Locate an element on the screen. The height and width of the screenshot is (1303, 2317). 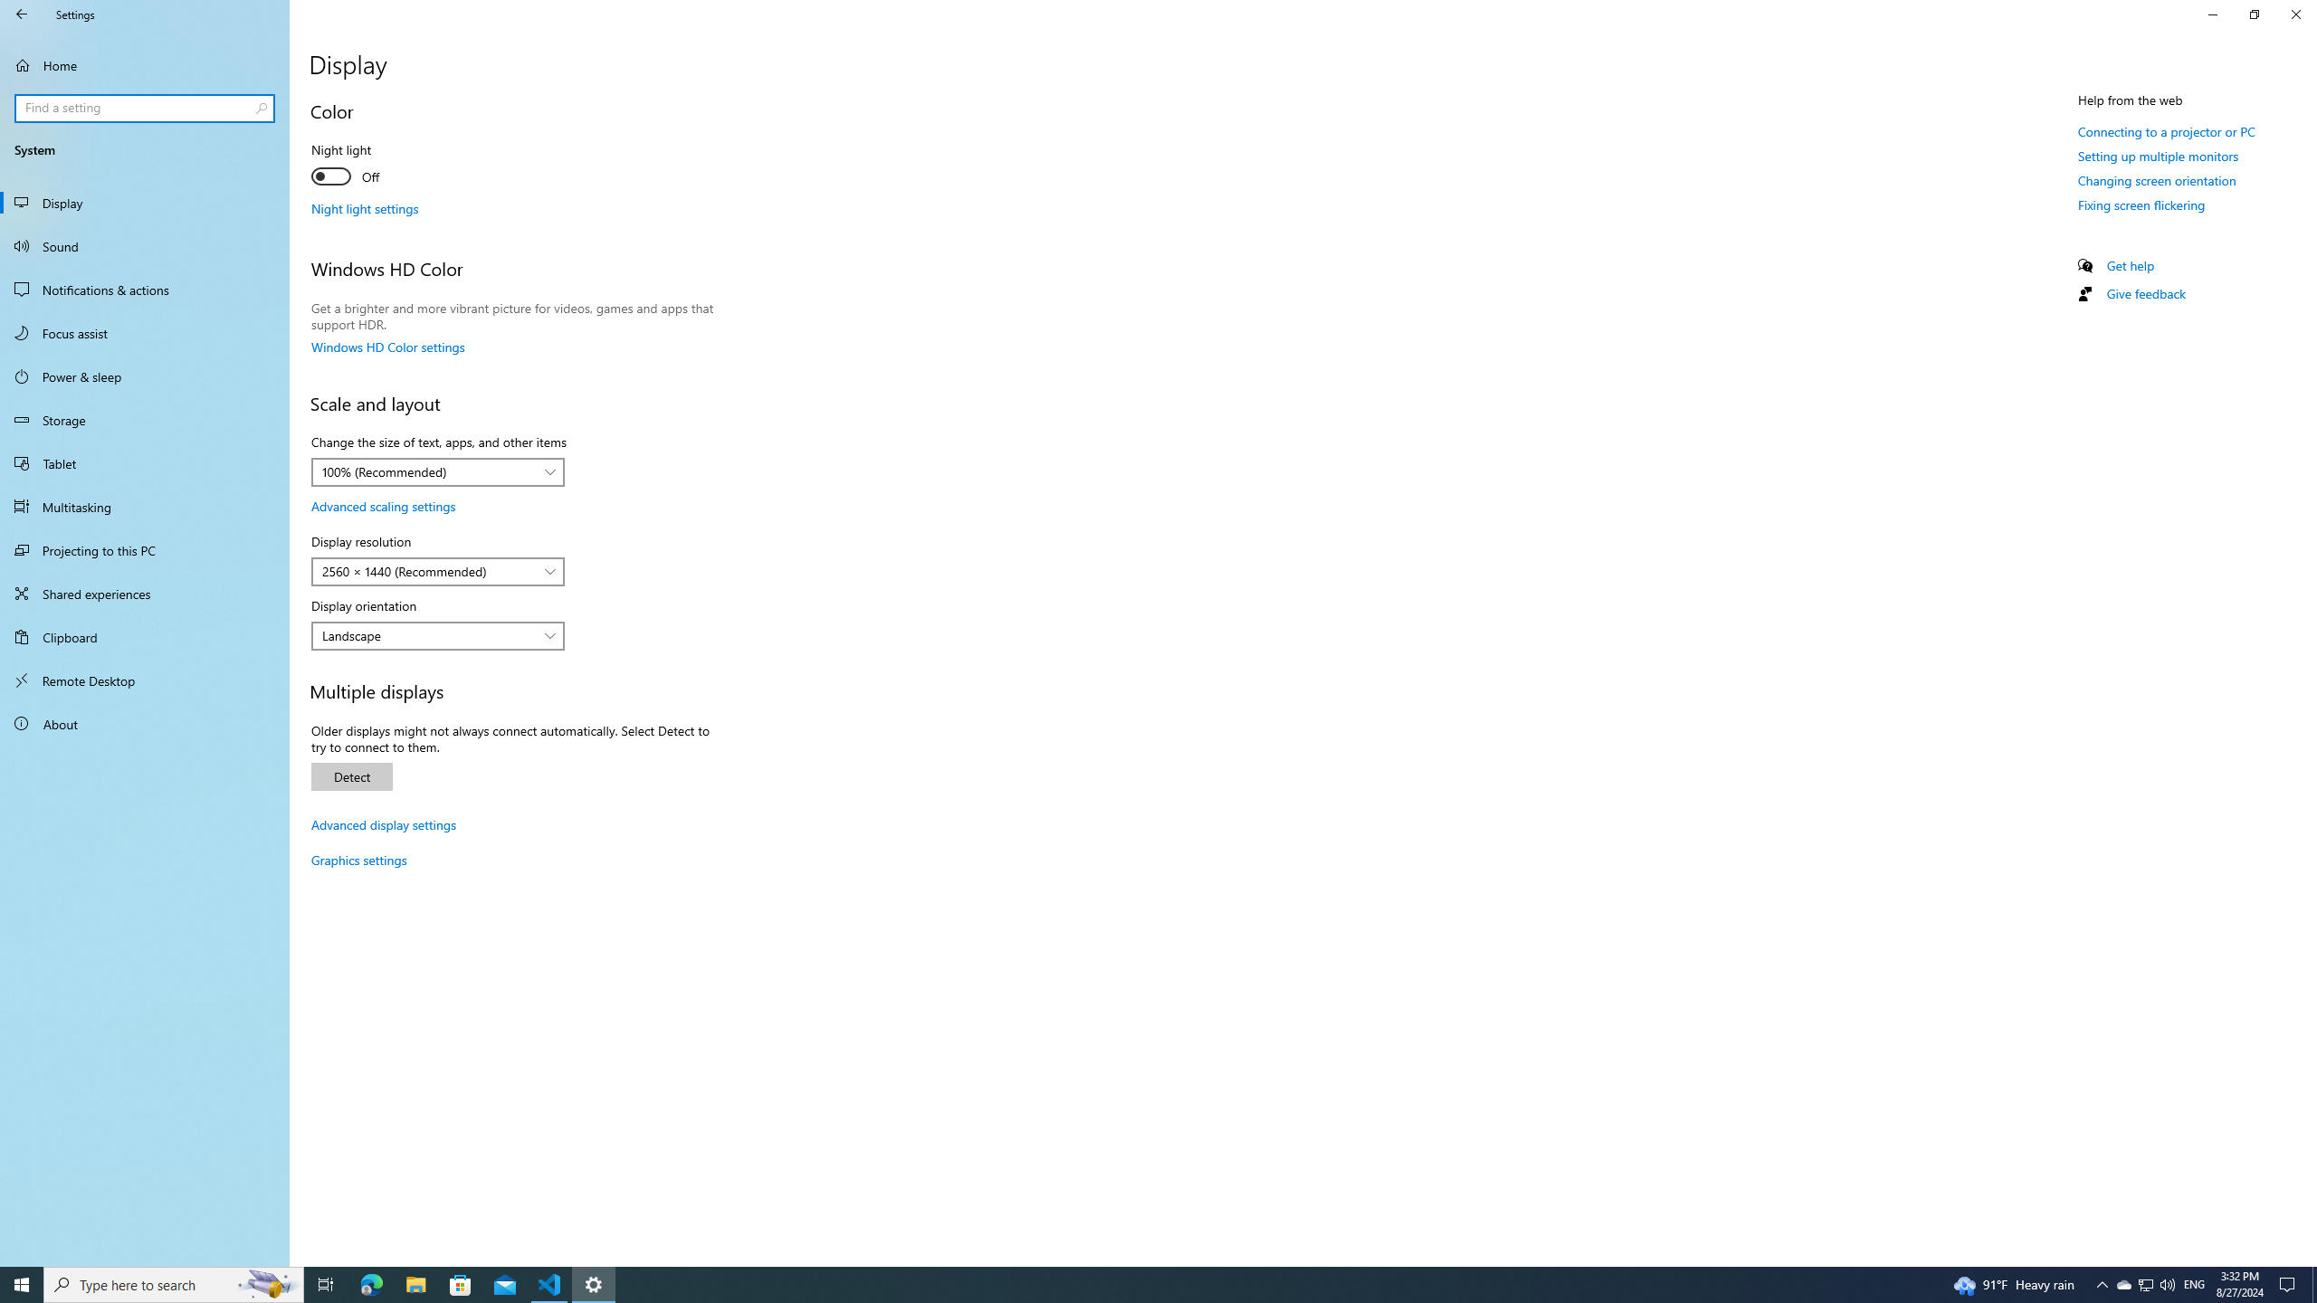
'Power & sleep' is located at coordinates (144, 376).